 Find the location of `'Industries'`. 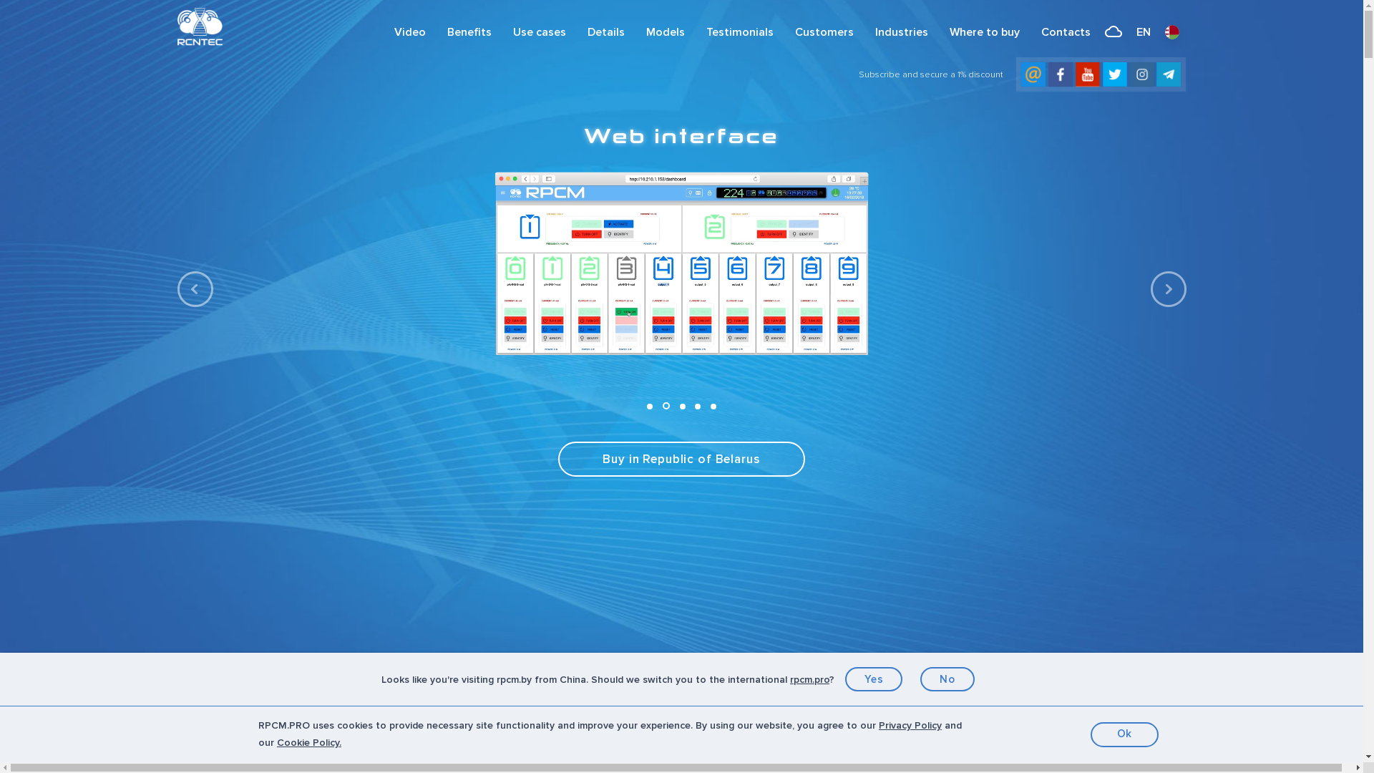

'Industries' is located at coordinates (900, 32).